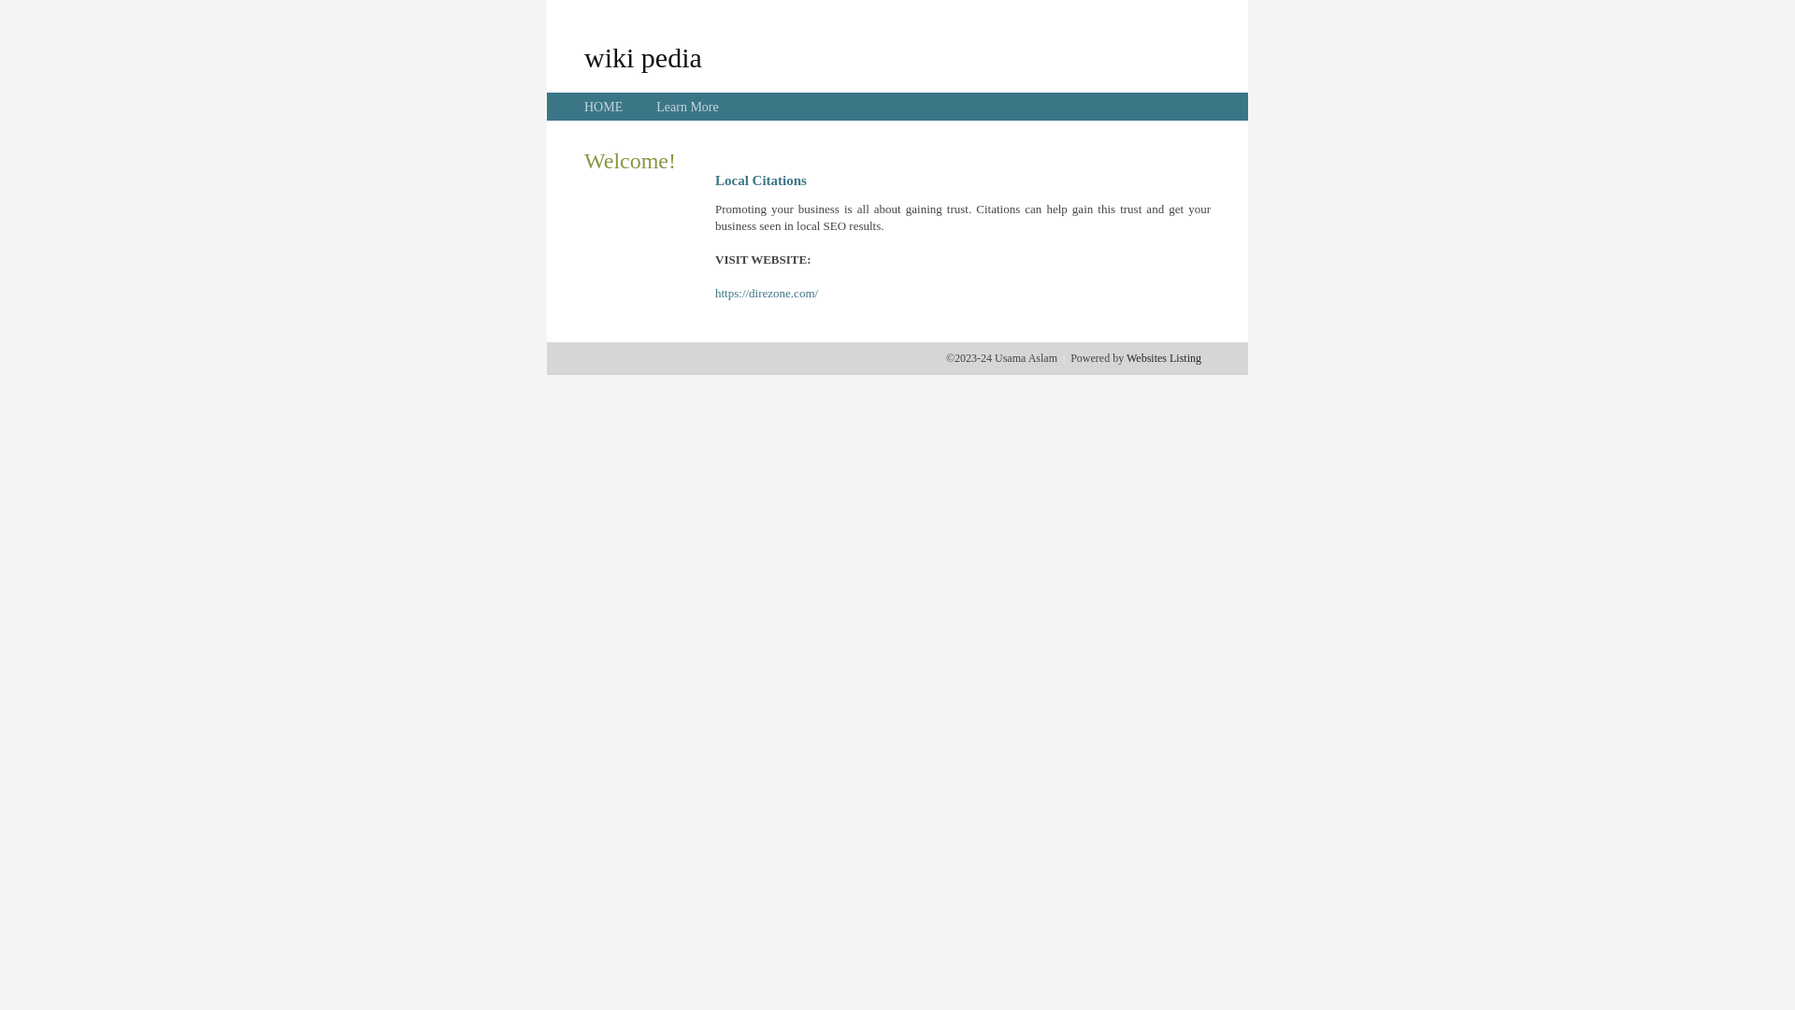 The width and height of the screenshot is (1795, 1010). Describe the element at coordinates (1125, 357) in the screenshot. I see `'Websites Listing'` at that location.